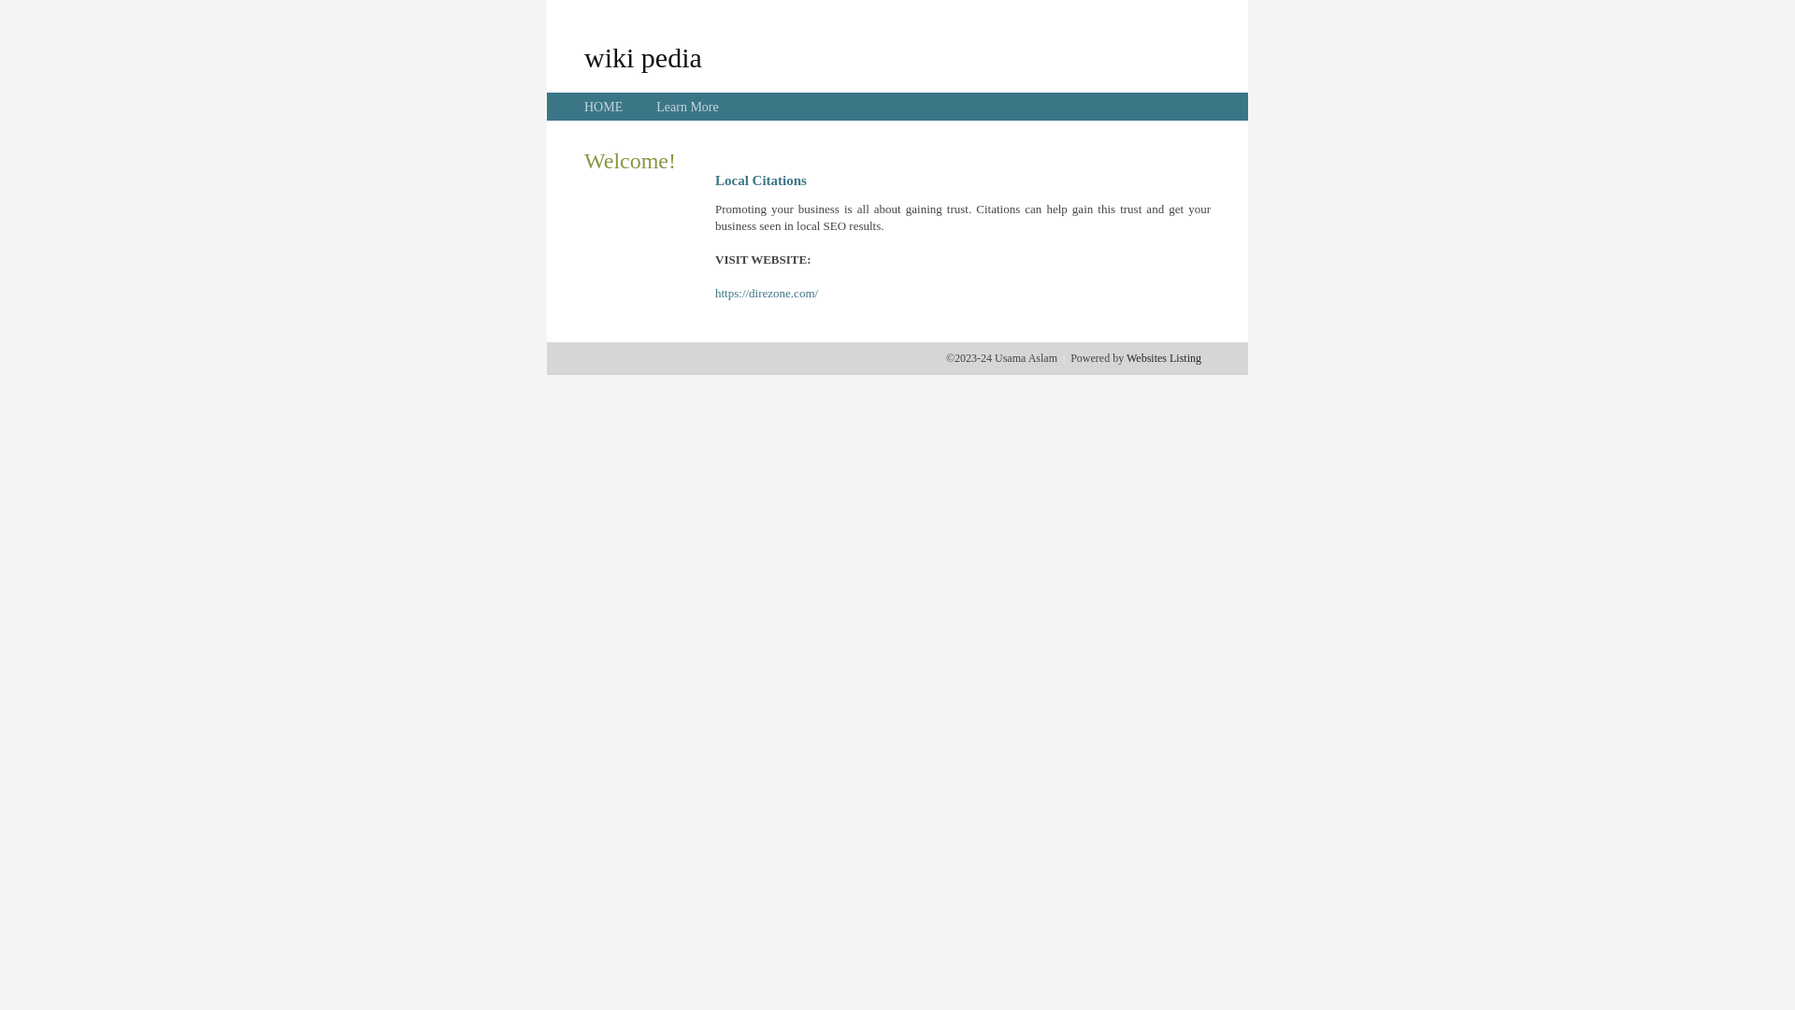 The width and height of the screenshot is (1795, 1010). Describe the element at coordinates (1125, 357) in the screenshot. I see `'Websites Listing'` at that location.